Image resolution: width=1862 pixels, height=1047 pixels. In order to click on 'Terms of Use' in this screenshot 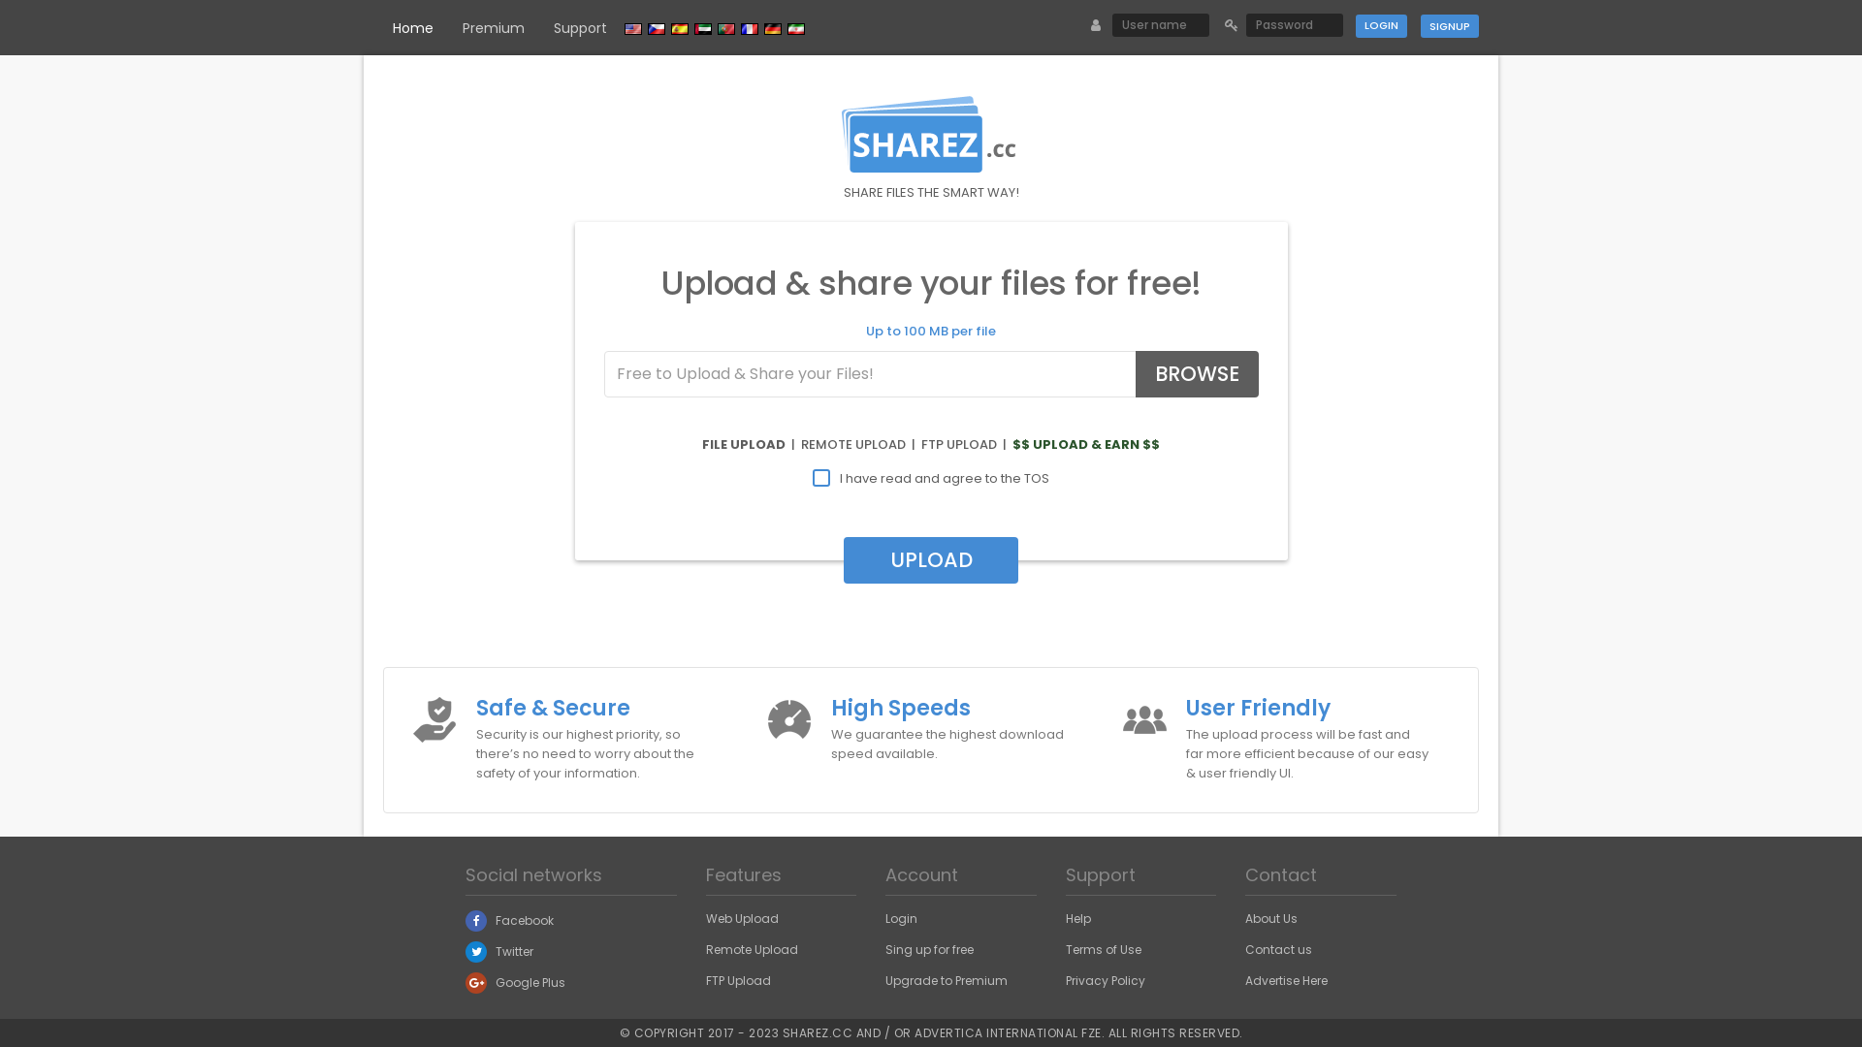, I will do `click(1103, 948)`.